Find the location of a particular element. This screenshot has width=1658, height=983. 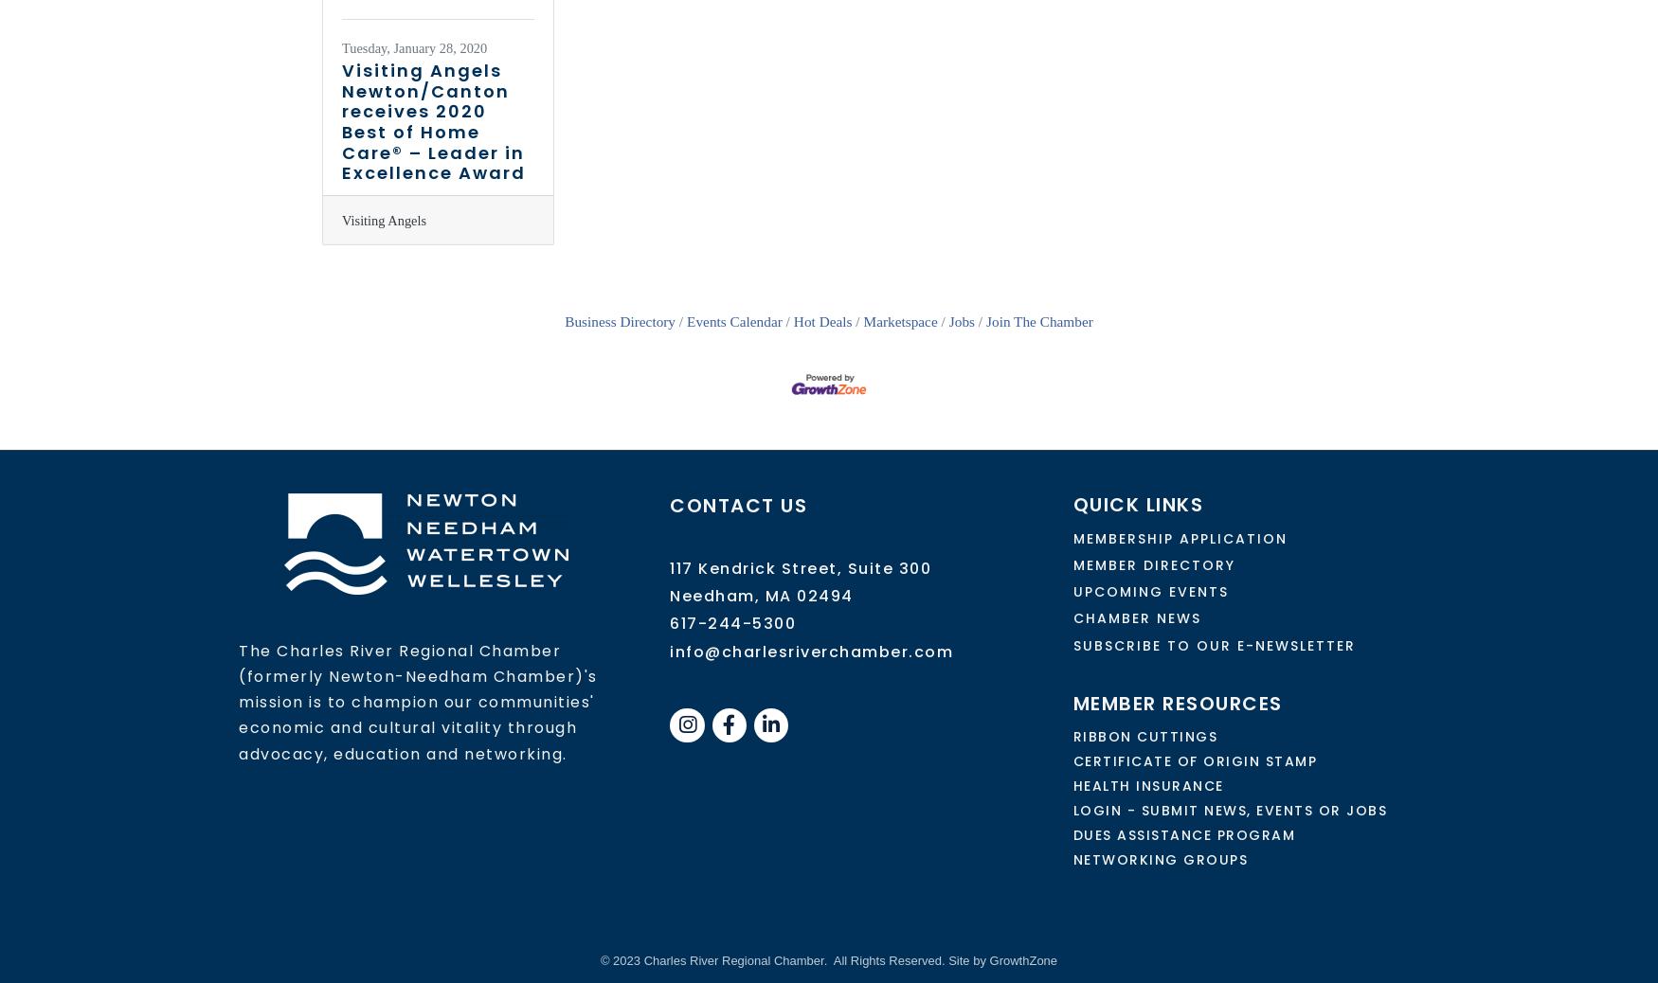

'Jobs' is located at coordinates (960, 320).